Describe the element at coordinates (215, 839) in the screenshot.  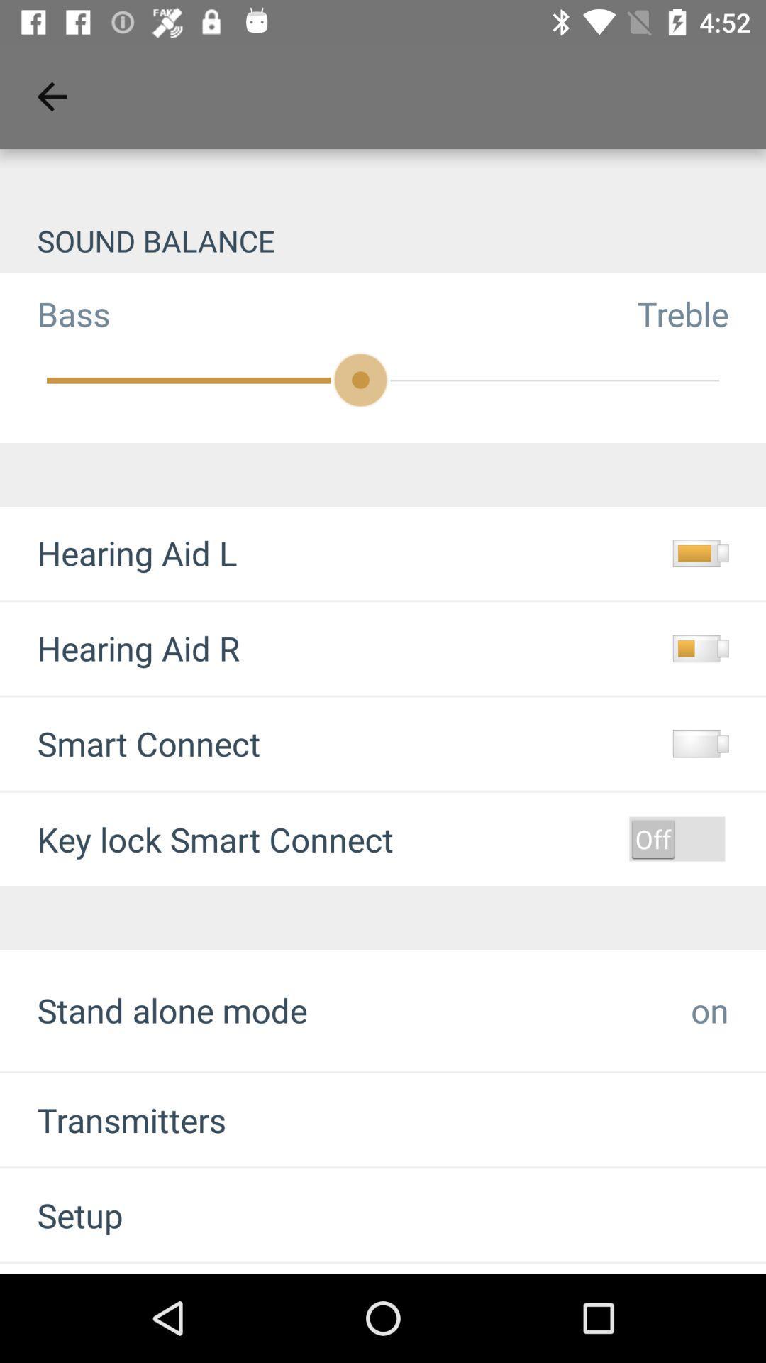
I see `key lock smart item` at that location.